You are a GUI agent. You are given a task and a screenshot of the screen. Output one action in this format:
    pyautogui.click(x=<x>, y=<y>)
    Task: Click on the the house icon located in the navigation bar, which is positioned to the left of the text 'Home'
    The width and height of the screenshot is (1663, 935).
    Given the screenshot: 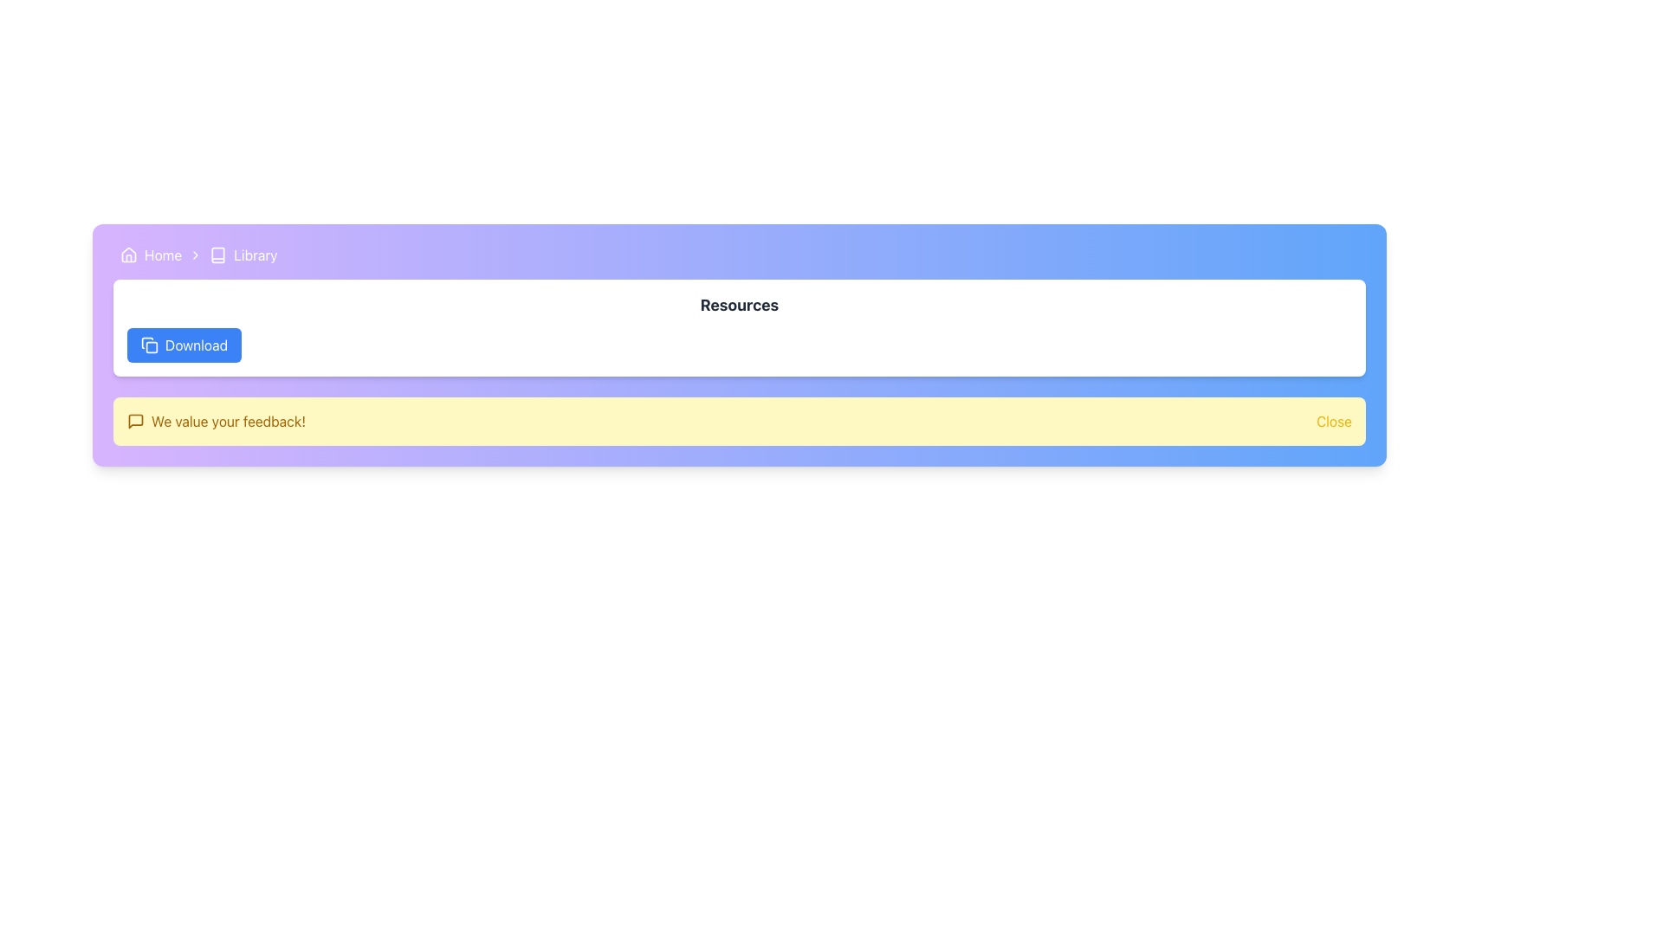 What is the action you would take?
    pyautogui.click(x=127, y=255)
    